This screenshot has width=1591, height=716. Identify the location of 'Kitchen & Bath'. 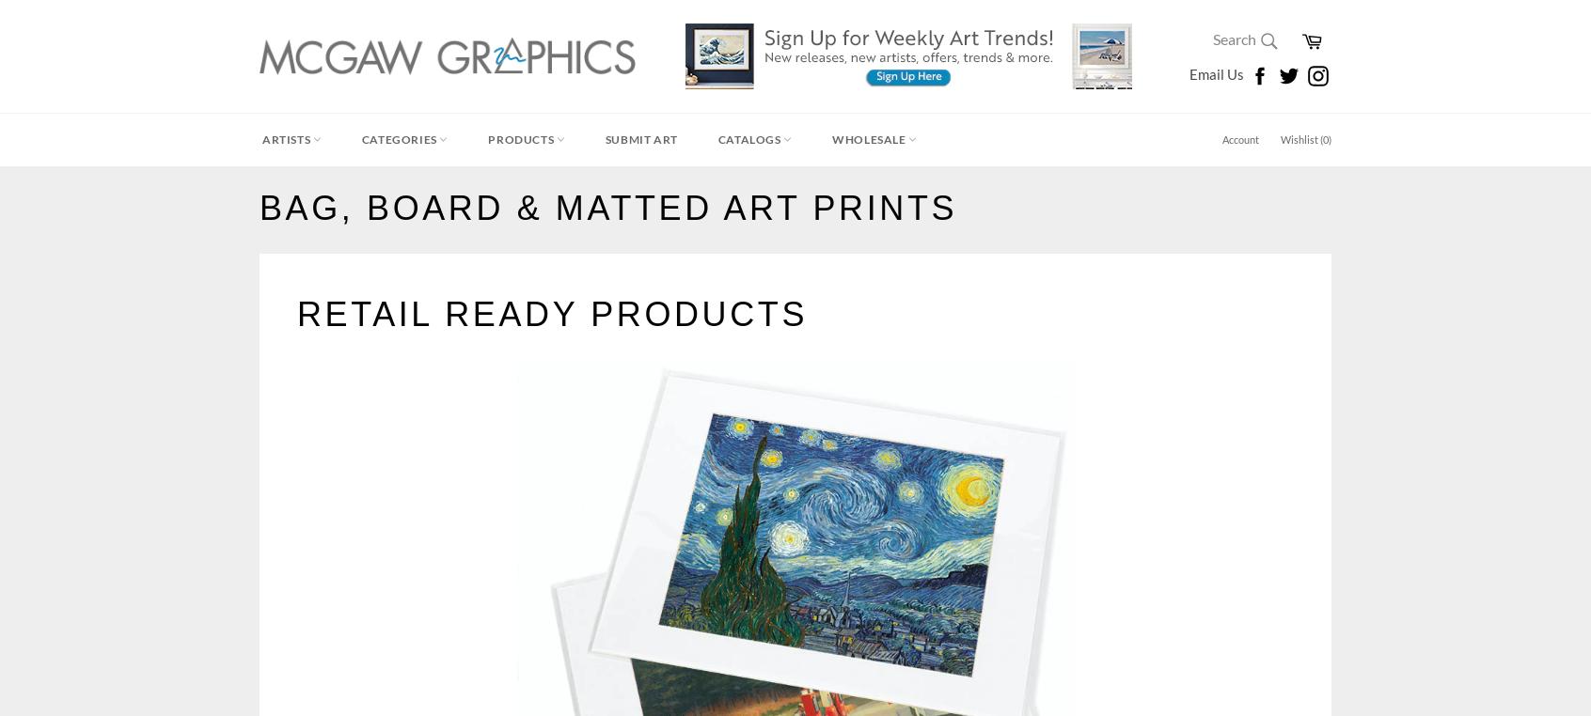
(520, 221).